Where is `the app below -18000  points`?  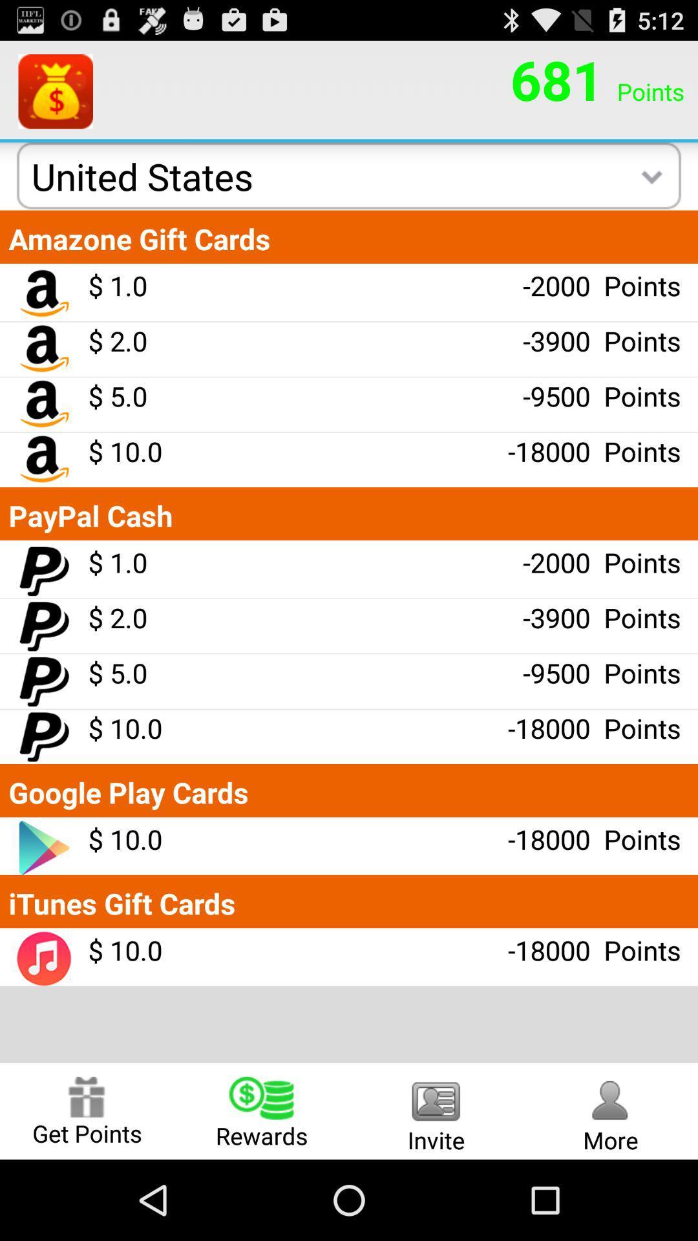
the app below -18000  points is located at coordinates (436, 1110).